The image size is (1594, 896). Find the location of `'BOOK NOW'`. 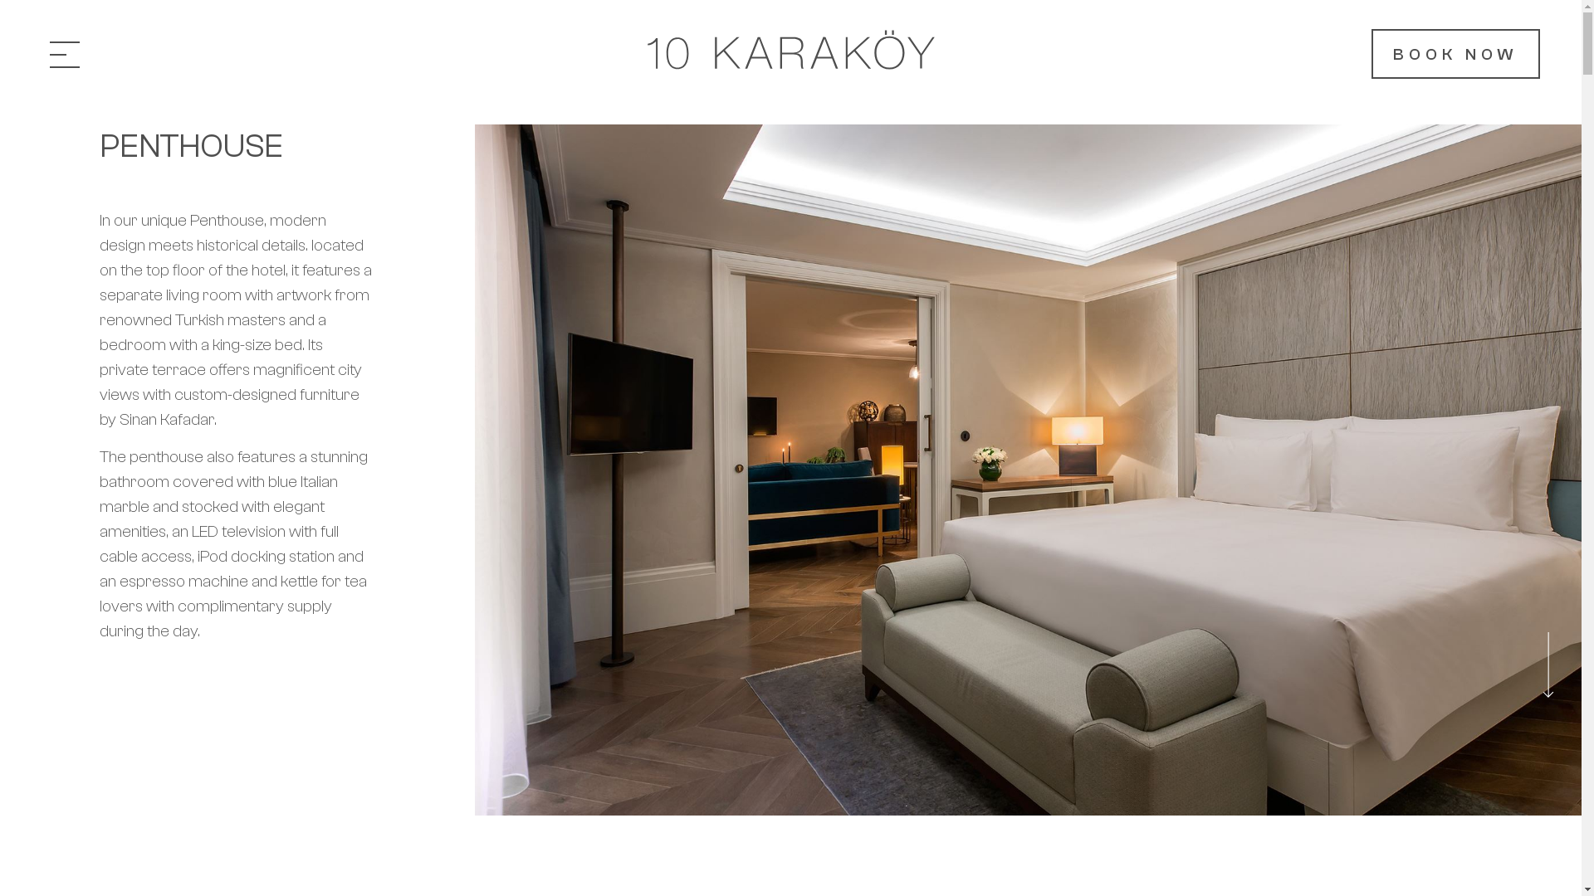

'BOOK NOW' is located at coordinates (1455, 53).